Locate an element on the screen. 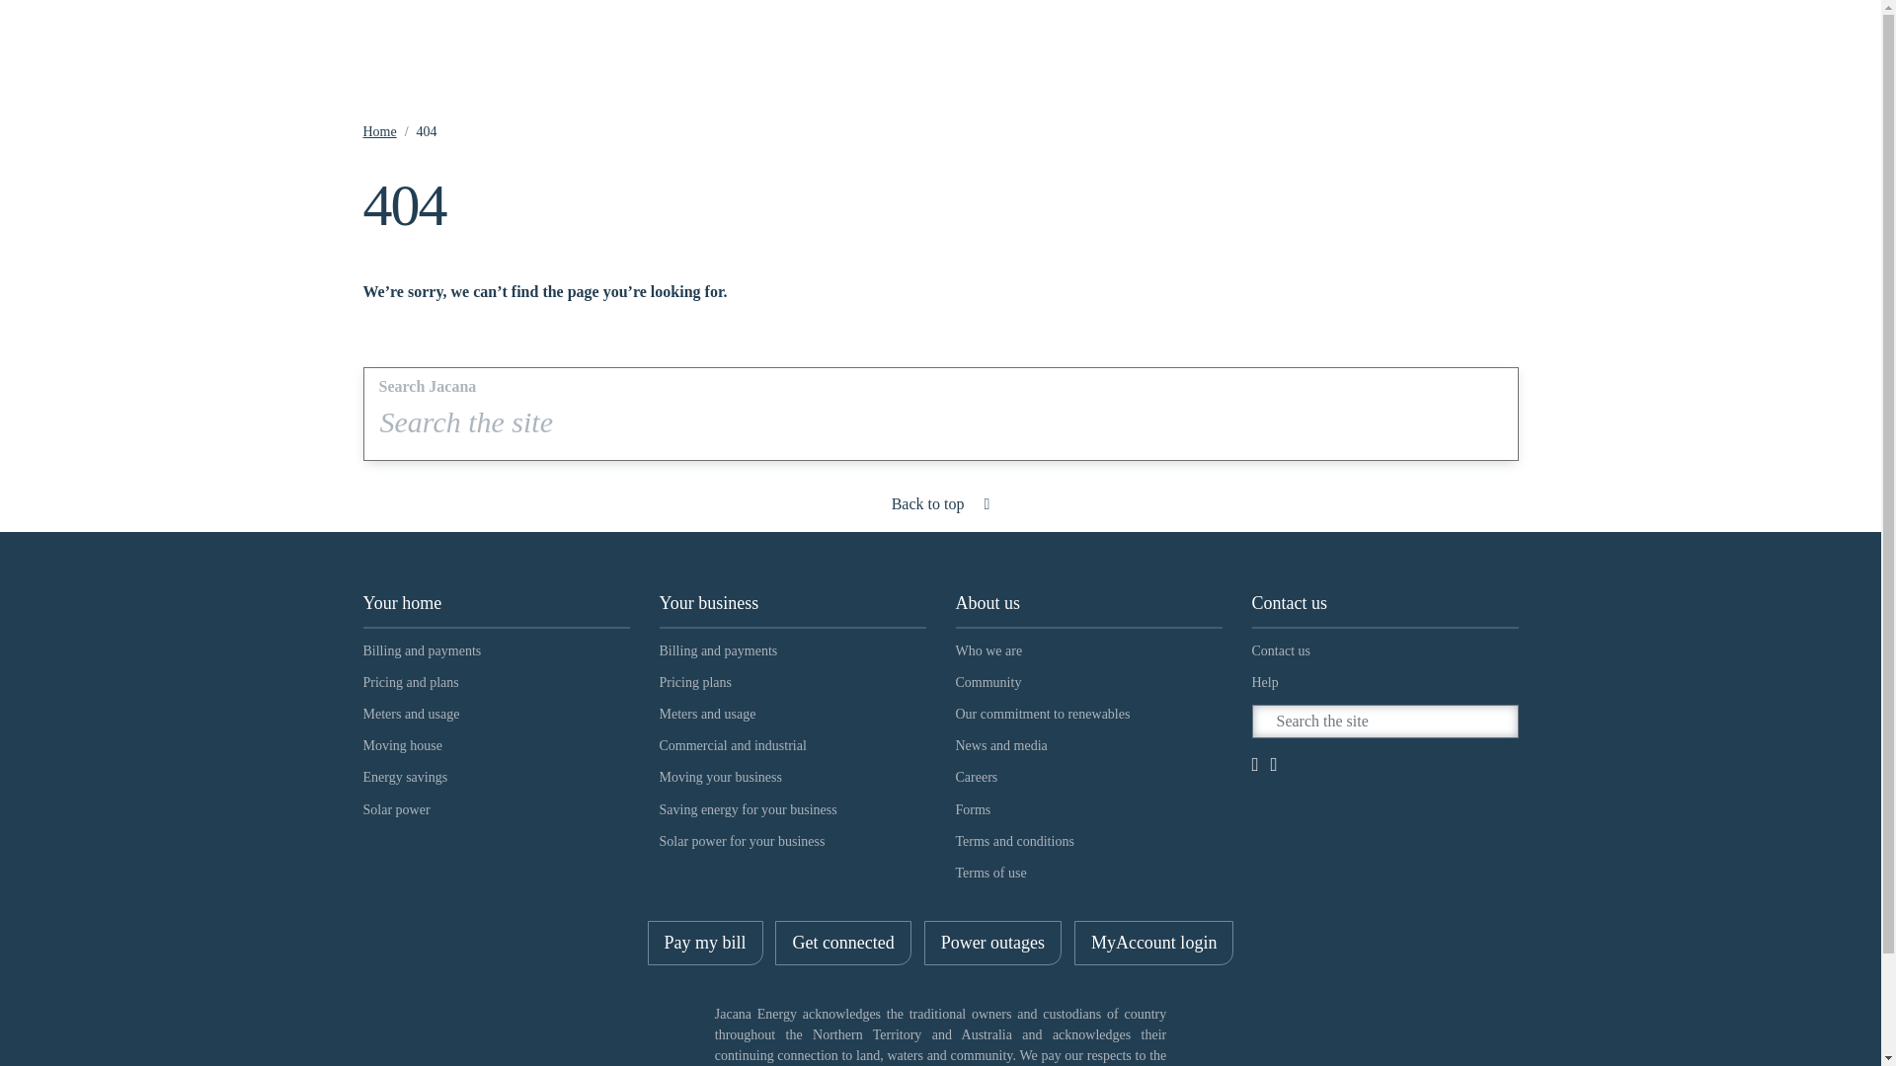 This screenshot has width=1896, height=1066. 'Solar power' is located at coordinates (363, 810).